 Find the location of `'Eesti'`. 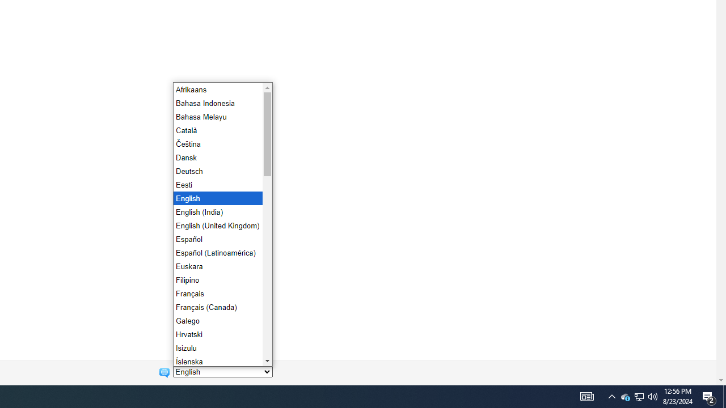

'Eesti' is located at coordinates (217, 184).